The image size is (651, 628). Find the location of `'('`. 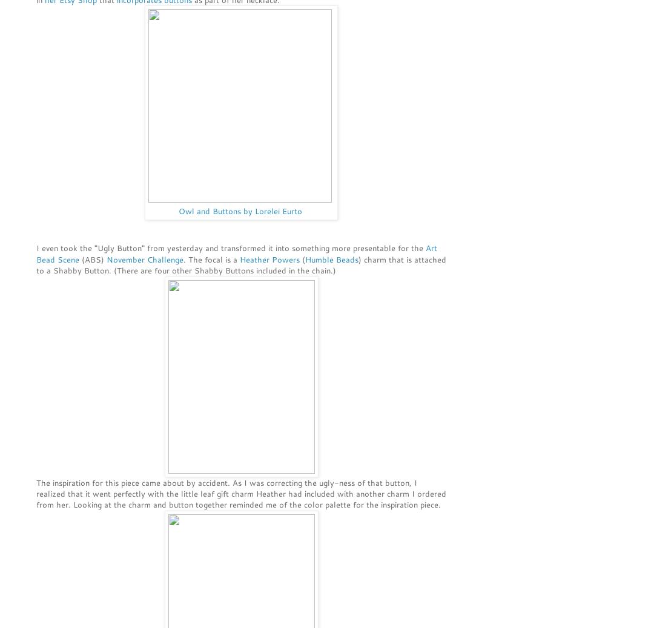

'(' is located at coordinates (299, 258).